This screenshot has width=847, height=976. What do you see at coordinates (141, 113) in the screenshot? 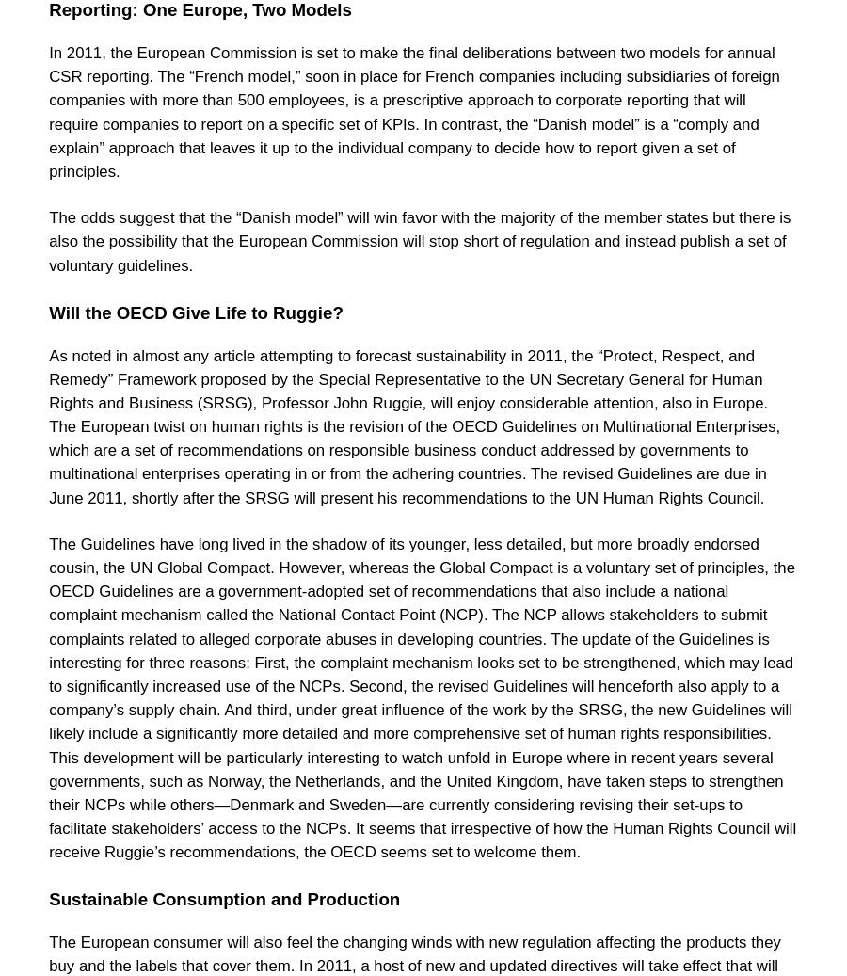
I see `'Transform to Net Zero'` at bounding box center [141, 113].